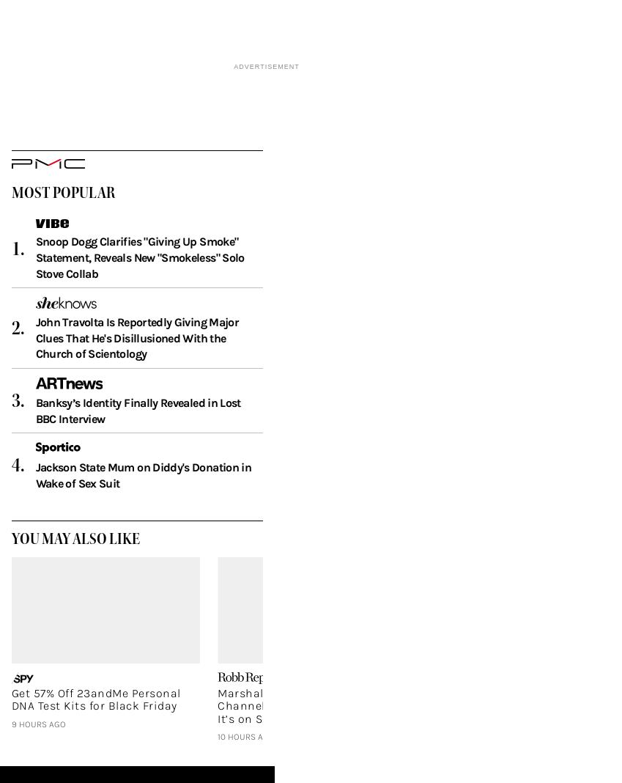 Image resolution: width=622 pixels, height=783 pixels. I want to click on 'Marshall’s Bluetooth Speaker Channels Your Inner Slash, and It’s on Sale During Black Friday', so click(216, 728).